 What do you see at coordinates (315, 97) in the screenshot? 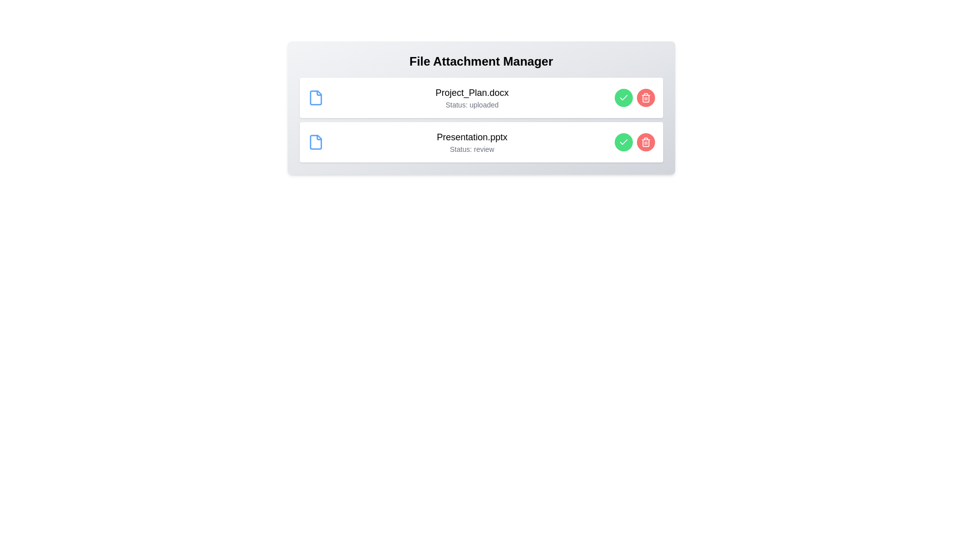
I see `the file icon to view details of the file named Project_Plan.docx` at bounding box center [315, 97].